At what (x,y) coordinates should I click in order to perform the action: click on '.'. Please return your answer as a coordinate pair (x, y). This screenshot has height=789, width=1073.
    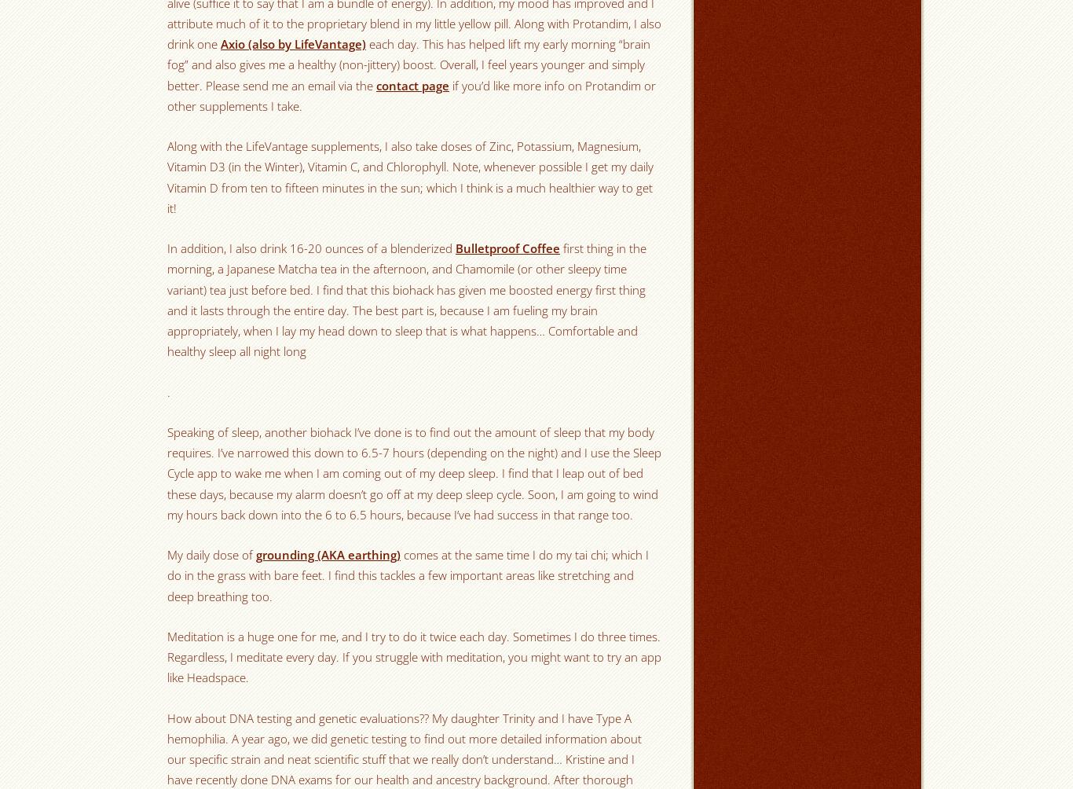
    Looking at the image, I should click on (168, 390).